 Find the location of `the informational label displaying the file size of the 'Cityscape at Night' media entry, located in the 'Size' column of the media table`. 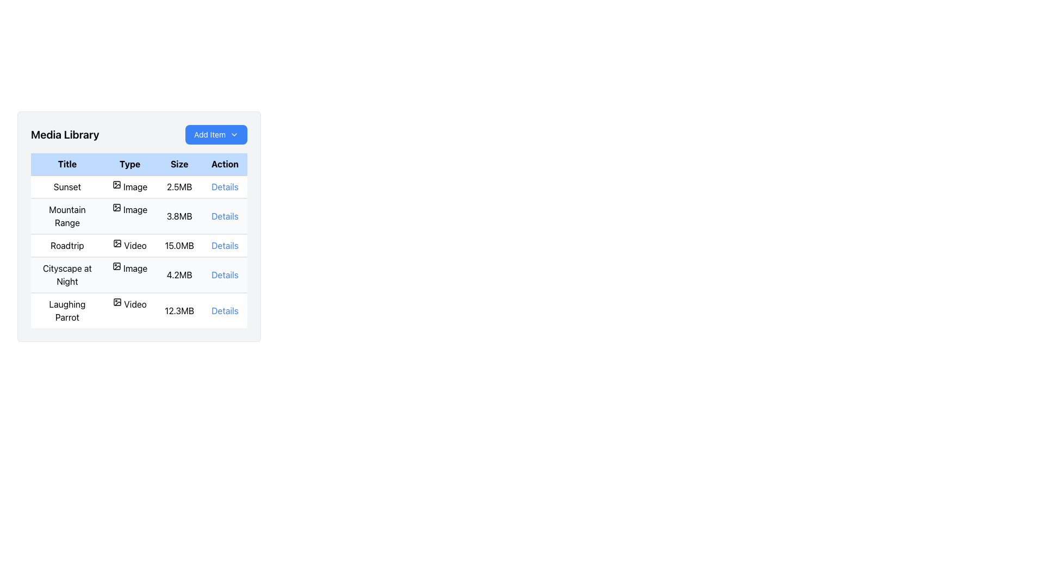

the informational label displaying the file size of the 'Cityscape at Night' media entry, located in the 'Size' column of the media table is located at coordinates (179, 274).